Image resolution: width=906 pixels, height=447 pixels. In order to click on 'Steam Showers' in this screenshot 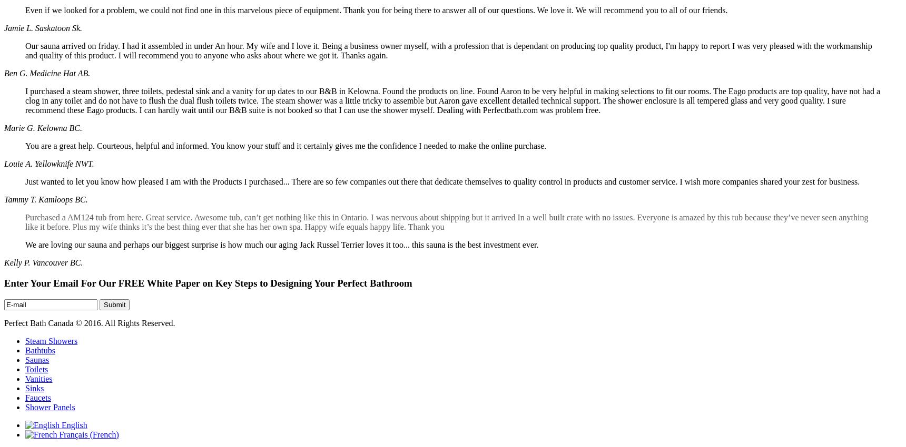, I will do `click(51, 340)`.